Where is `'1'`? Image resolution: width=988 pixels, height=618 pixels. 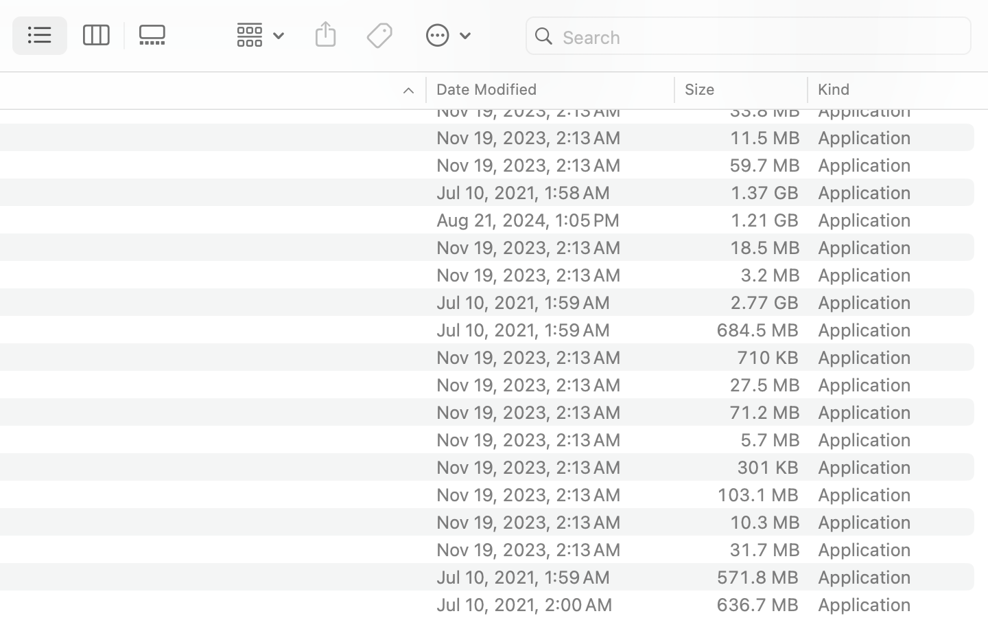
'1' is located at coordinates (40, 35).